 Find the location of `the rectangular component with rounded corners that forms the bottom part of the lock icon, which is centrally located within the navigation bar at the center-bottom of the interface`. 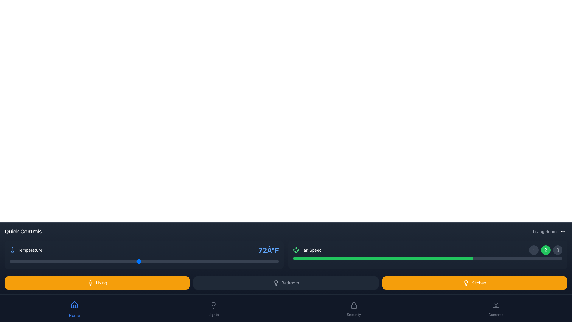

the rectangular component with rounded corners that forms the bottom part of the lock icon, which is centrally located within the navigation bar at the center-bottom of the interface is located at coordinates (354, 306).